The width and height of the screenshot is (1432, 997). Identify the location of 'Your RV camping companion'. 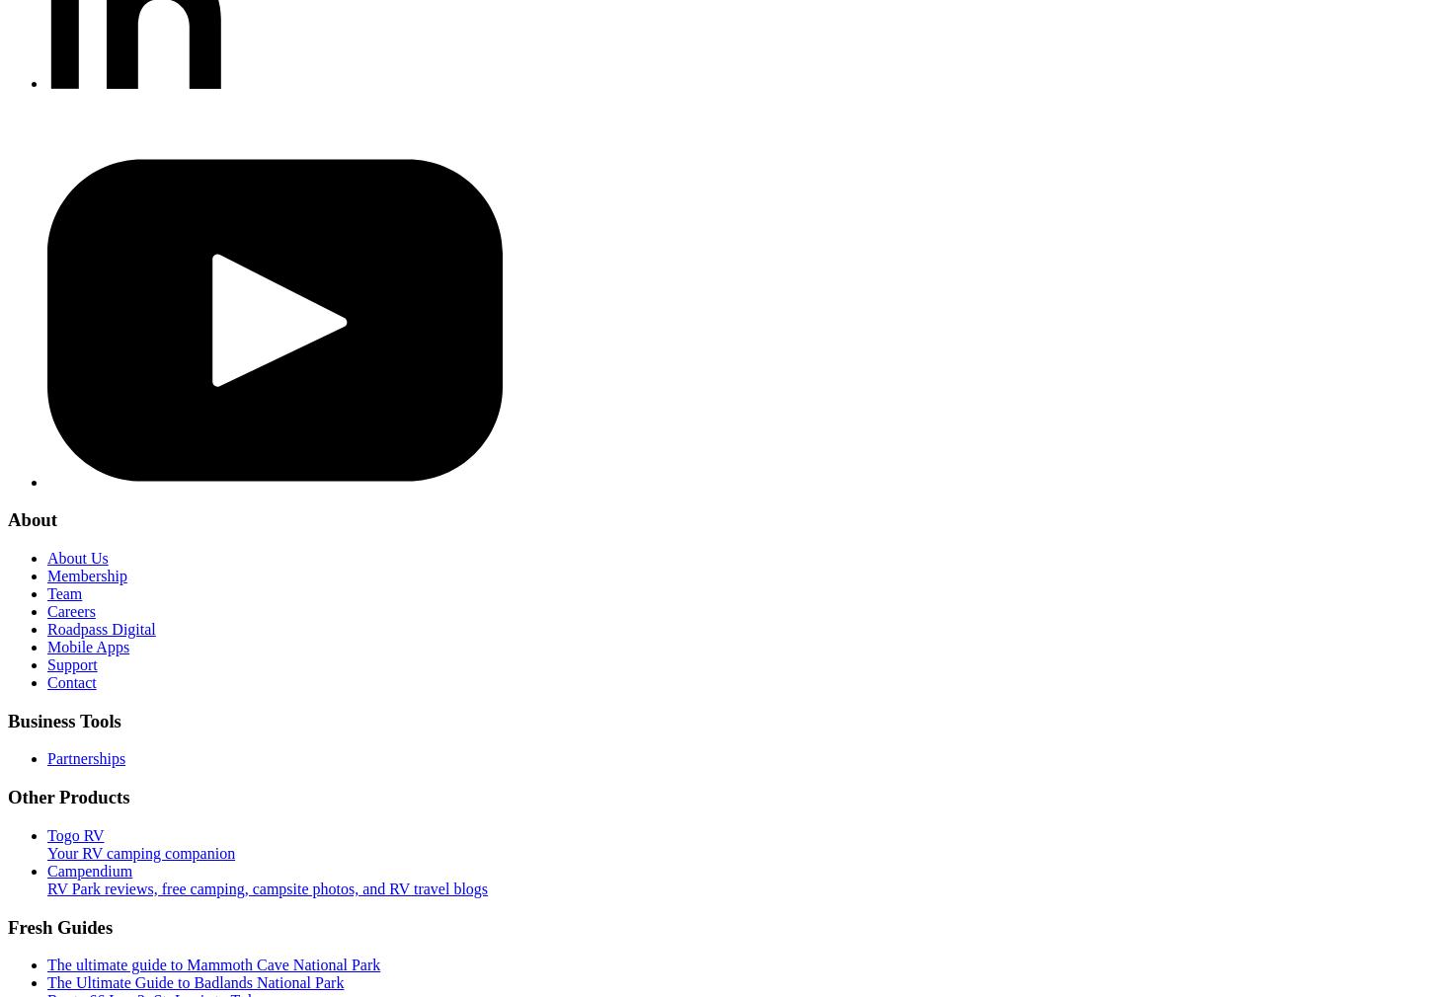
(139, 852).